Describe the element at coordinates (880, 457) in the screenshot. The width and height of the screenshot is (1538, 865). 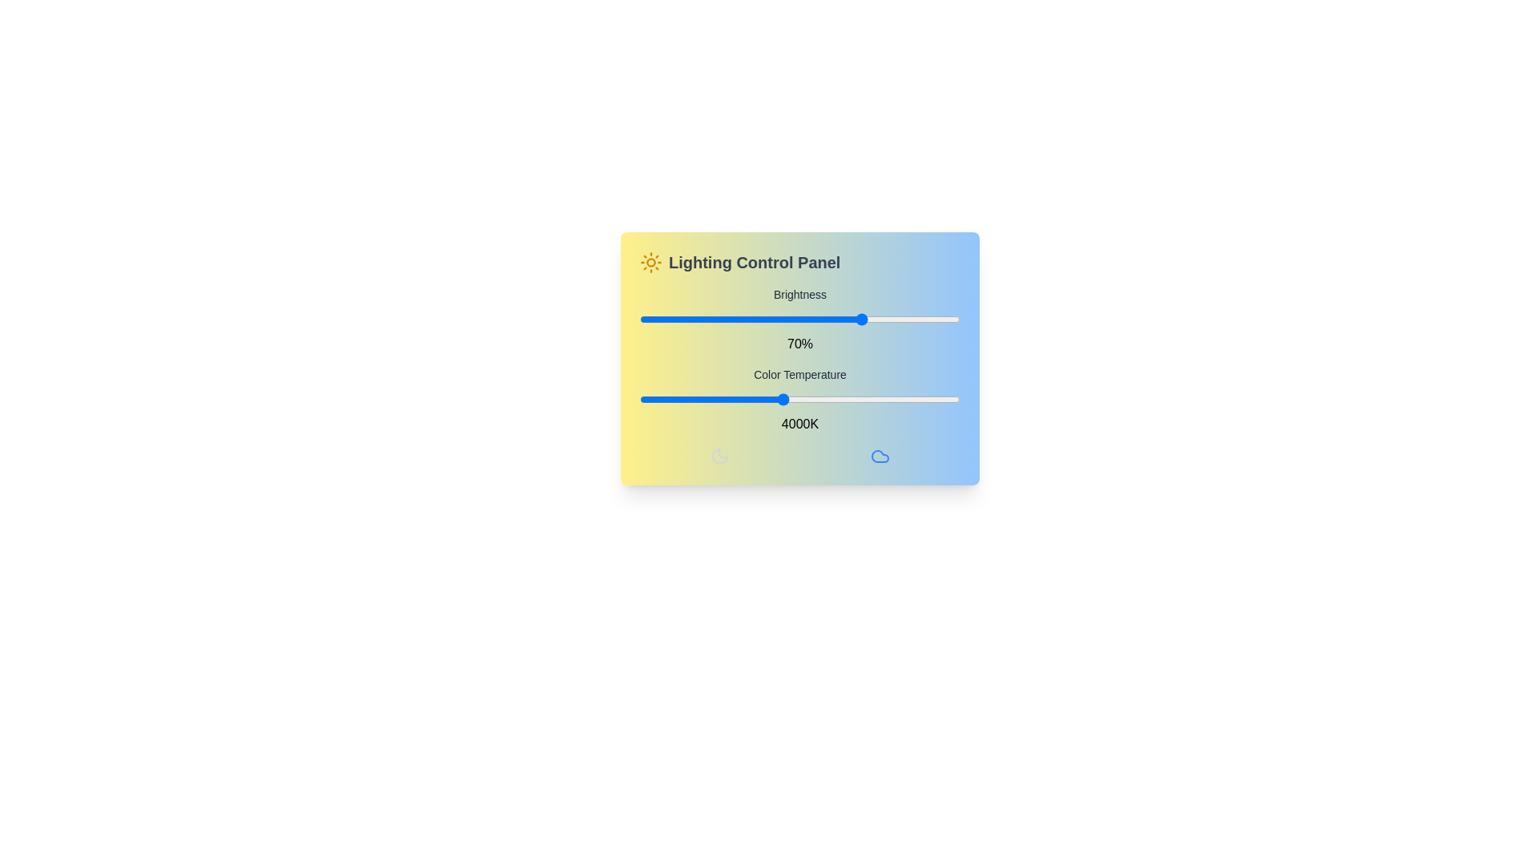
I see `the icon cloud under the sliders` at that location.